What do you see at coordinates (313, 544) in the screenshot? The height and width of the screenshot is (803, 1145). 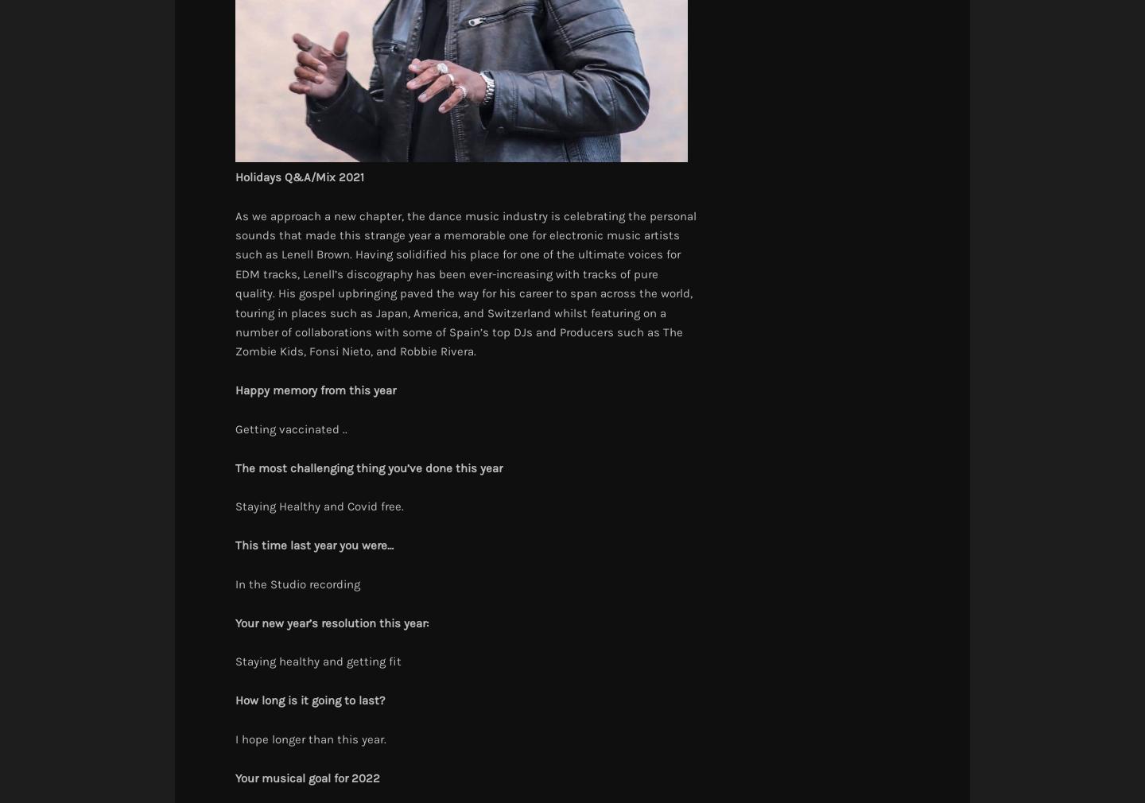 I see `'This time last year you were…'` at bounding box center [313, 544].